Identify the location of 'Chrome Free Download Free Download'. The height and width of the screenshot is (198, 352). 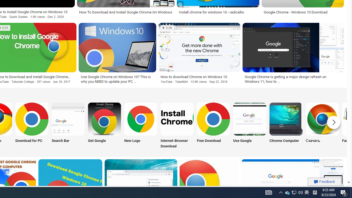
(213, 126).